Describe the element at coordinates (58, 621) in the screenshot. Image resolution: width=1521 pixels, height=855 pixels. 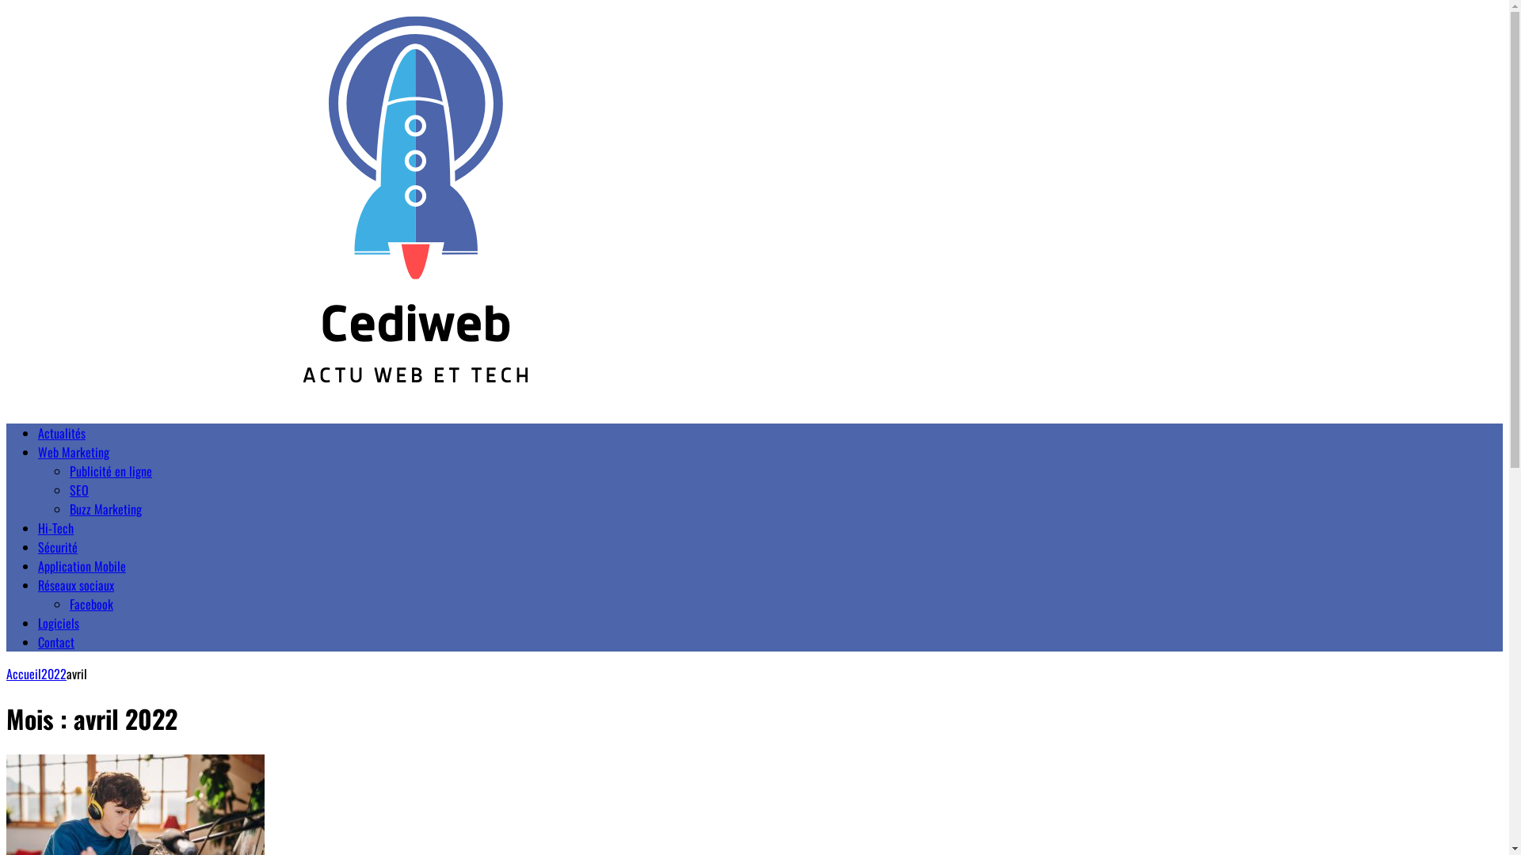
I see `'Logiciels'` at that location.